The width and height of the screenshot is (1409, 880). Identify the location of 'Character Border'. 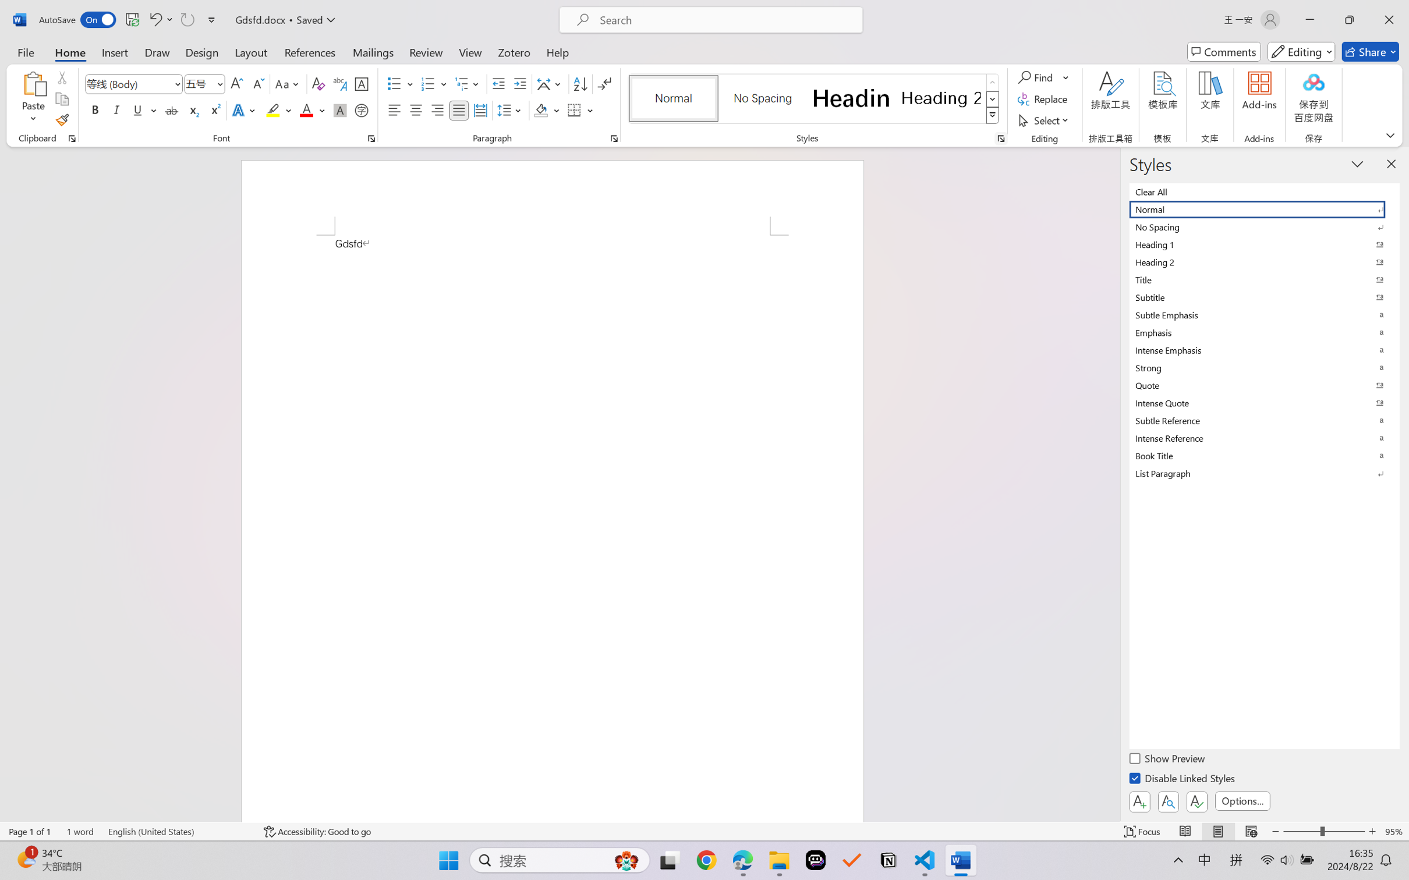
(362, 84).